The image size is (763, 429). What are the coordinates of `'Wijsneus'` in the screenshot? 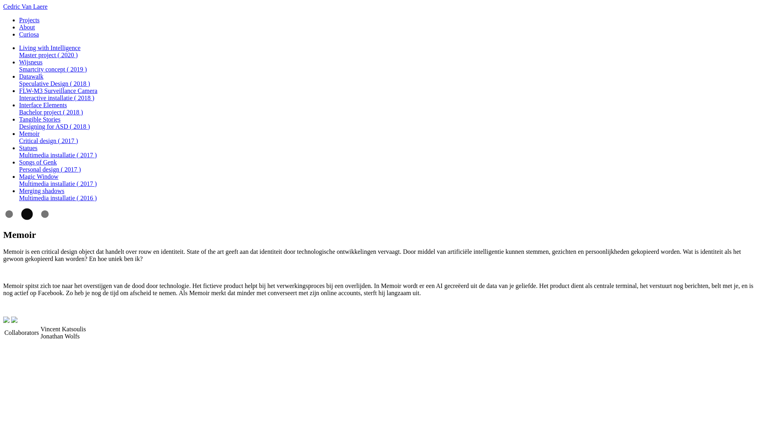 It's located at (31, 62).